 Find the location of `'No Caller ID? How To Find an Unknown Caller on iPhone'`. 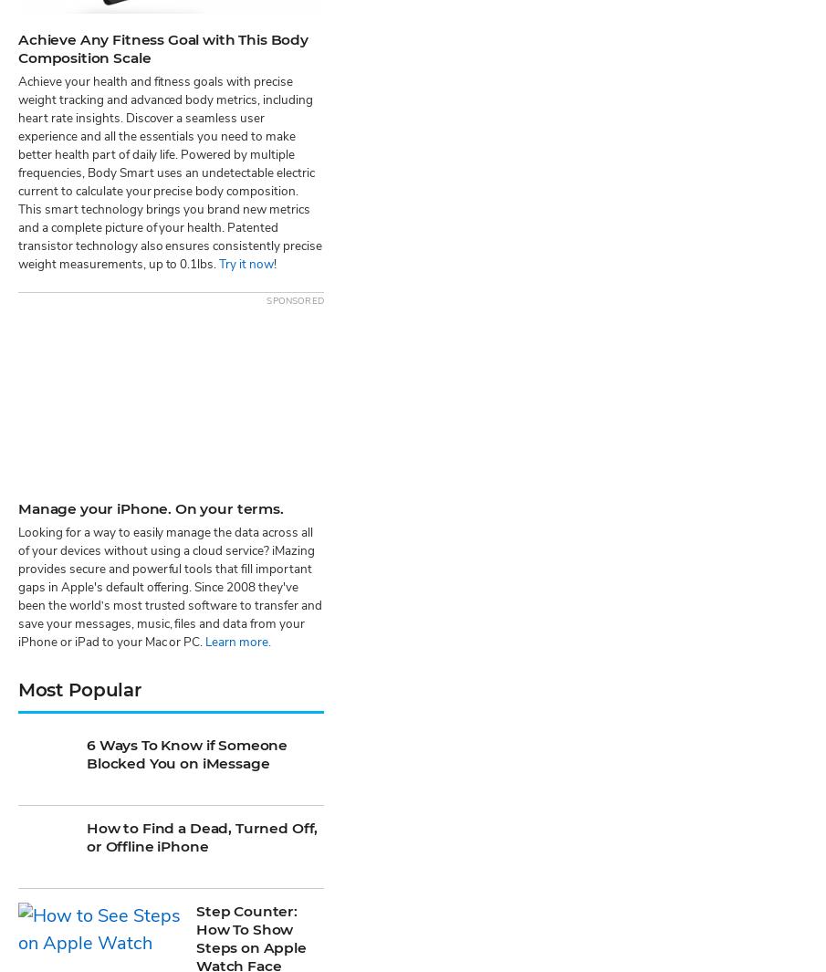

'No Caller ID? How To Find an Unknown Caller on iPhone' is located at coordinates (195, 503).